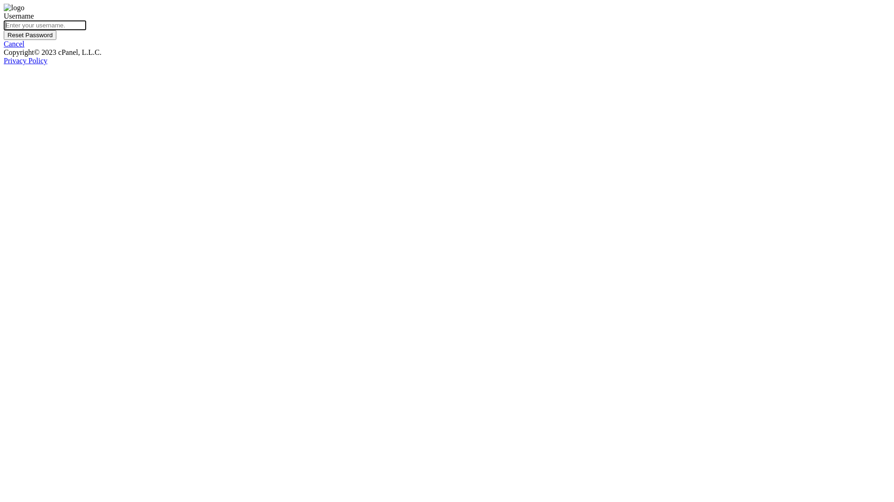 The height and width of the screenshot is (502, 894). What do you see at coordinates (4, 60) in the screenshot?
I see `'Privacy Policy'` at bounding box center [4, 60].